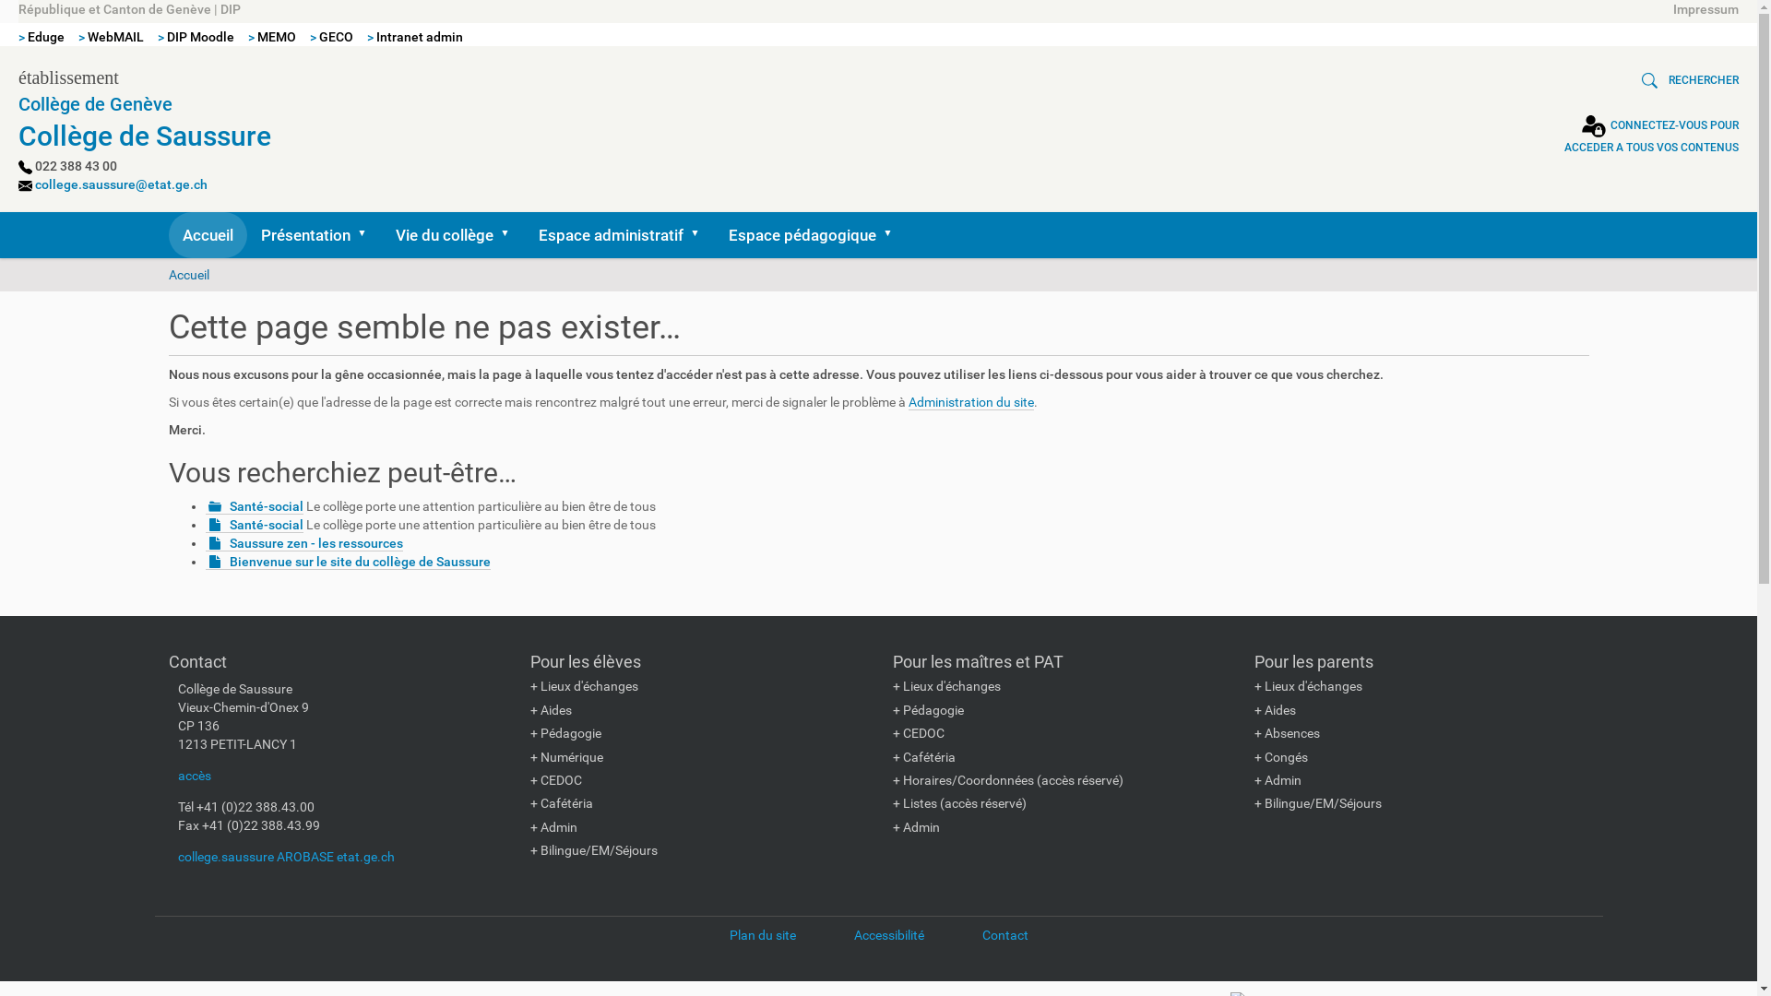 The height and width of the screenshot is (996, 1771). Describe the element at coordinates (284, 857) in the screenshot. I see `'college.saussure AROBASE etat.ge.ch'` at that location.